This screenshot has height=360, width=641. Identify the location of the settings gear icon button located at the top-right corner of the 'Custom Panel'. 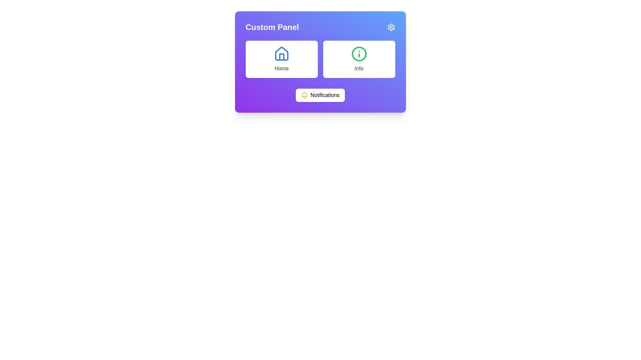
(391, 27).